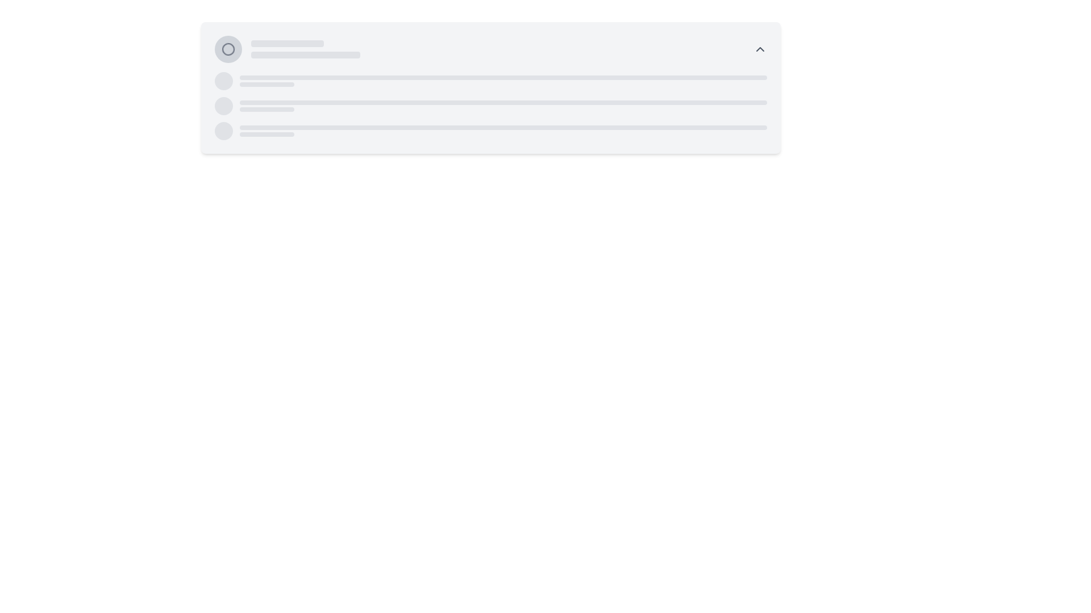  What do you see at coordinates (491, 80) in the screenshot?
I see `the first placeholder row in the vertical list that indicates loading content` at bounding box center [491, 80].